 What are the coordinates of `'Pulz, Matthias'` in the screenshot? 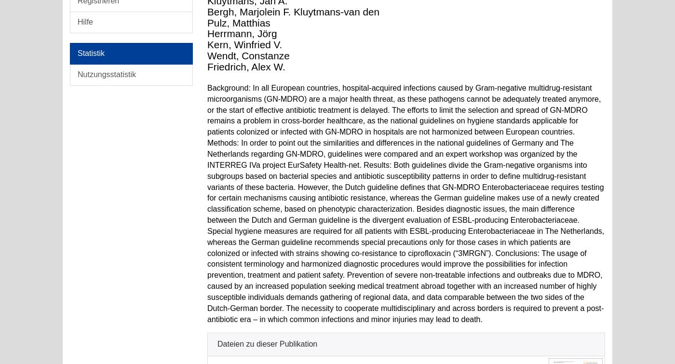 It's located at (207, 22).